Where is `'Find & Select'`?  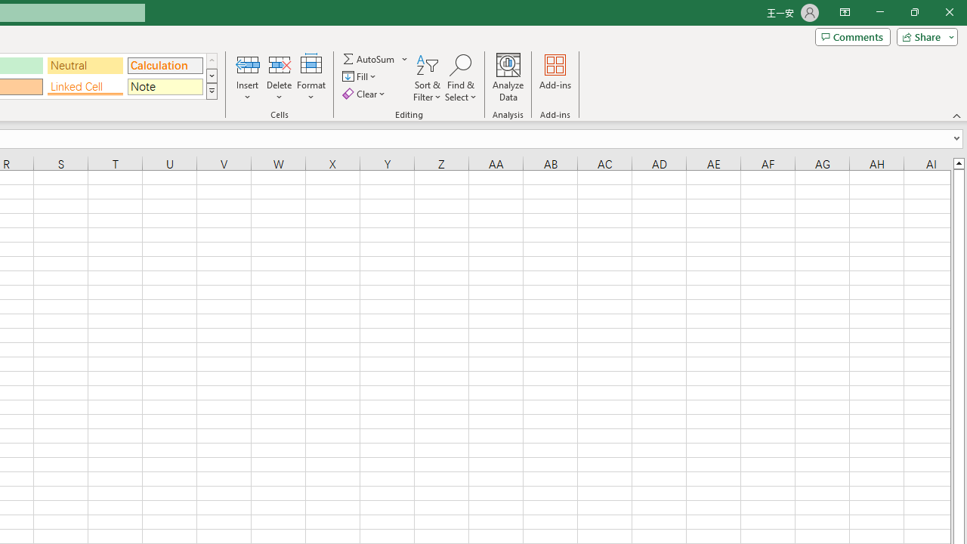
'Find & Select' is located at coordinates (460, 78).